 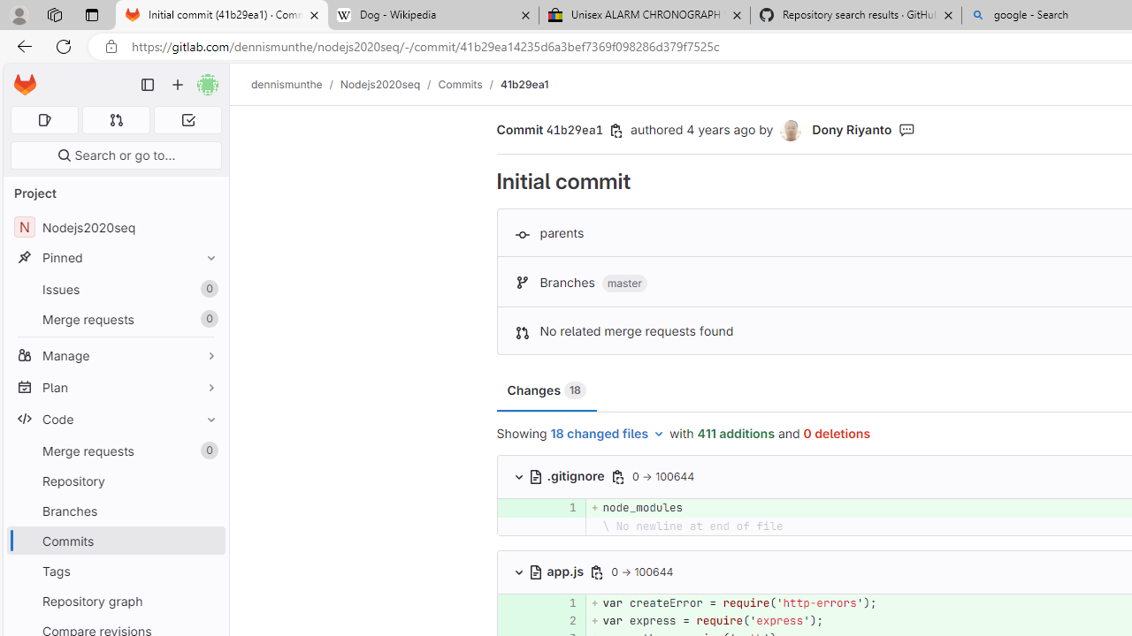 I want to click on 'Workspaces', so click(x=54, y=14).